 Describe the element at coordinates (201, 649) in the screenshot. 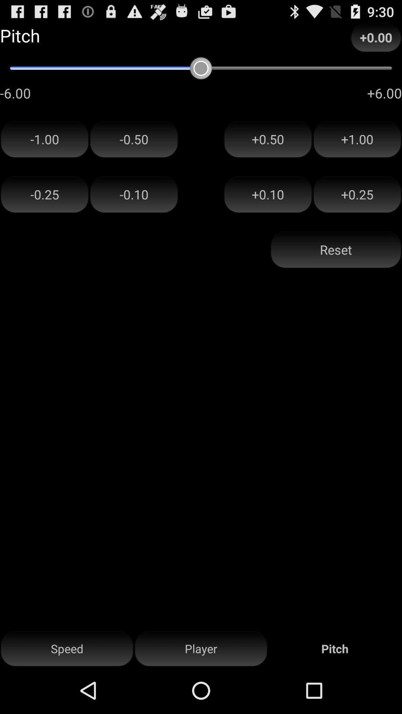

I see `button at the bottom` at that location.